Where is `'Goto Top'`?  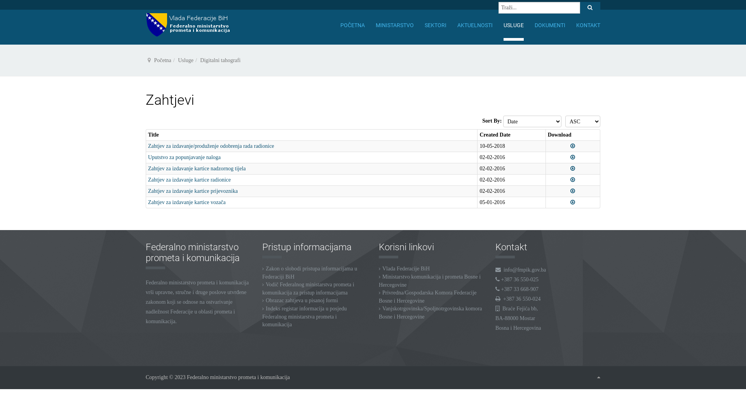
'Goto Top' is located at coordinates (598, 377).